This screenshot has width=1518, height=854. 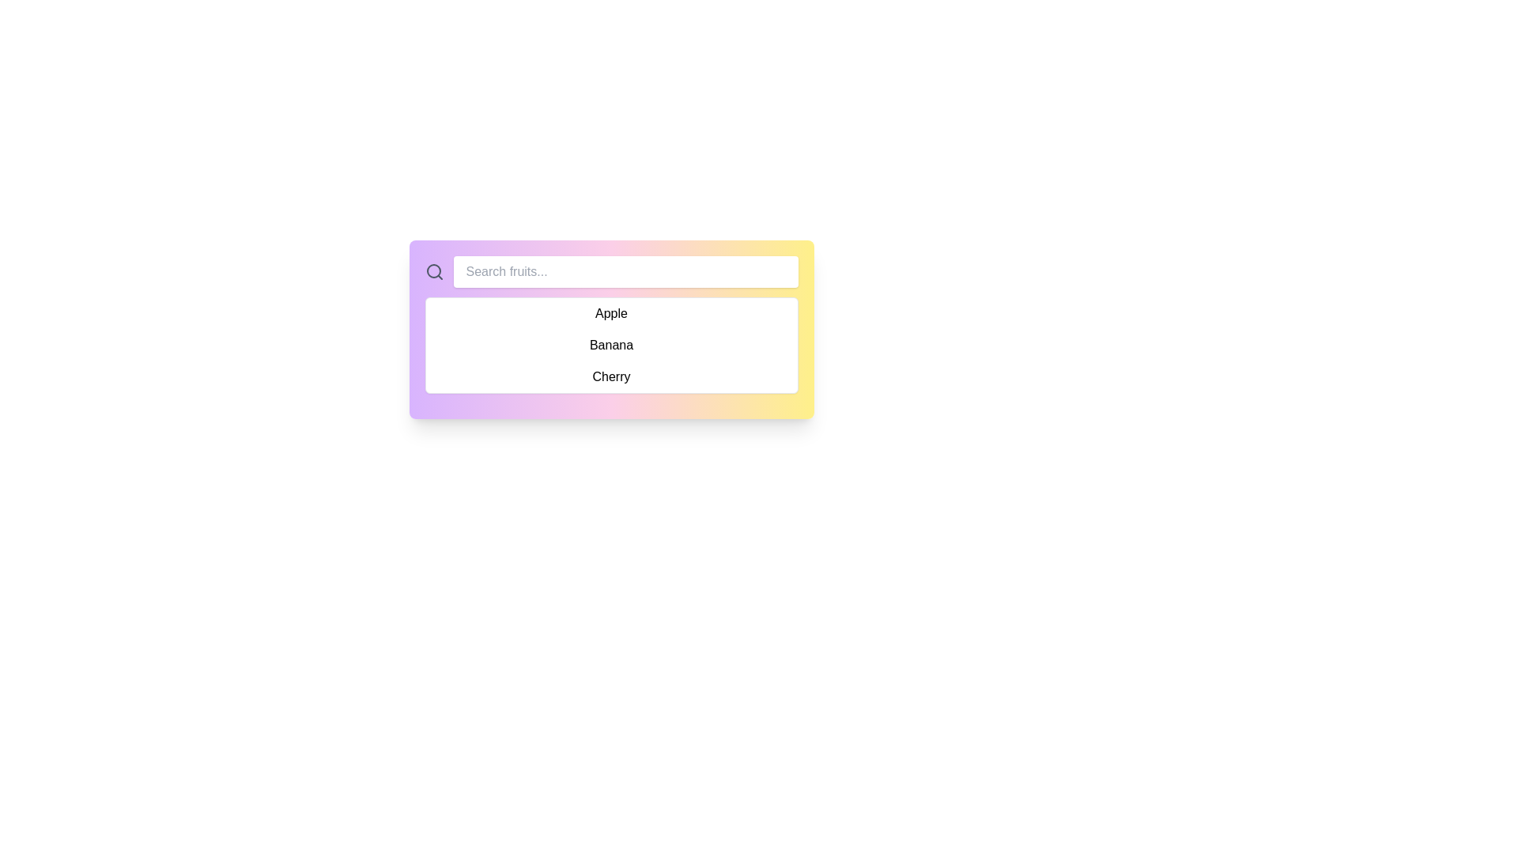 What do you see at coordinates (610, 314) in the screenshot?
I see `the first dropdown list item displaying the text 'Apple'` at bounding box center [610, 314].